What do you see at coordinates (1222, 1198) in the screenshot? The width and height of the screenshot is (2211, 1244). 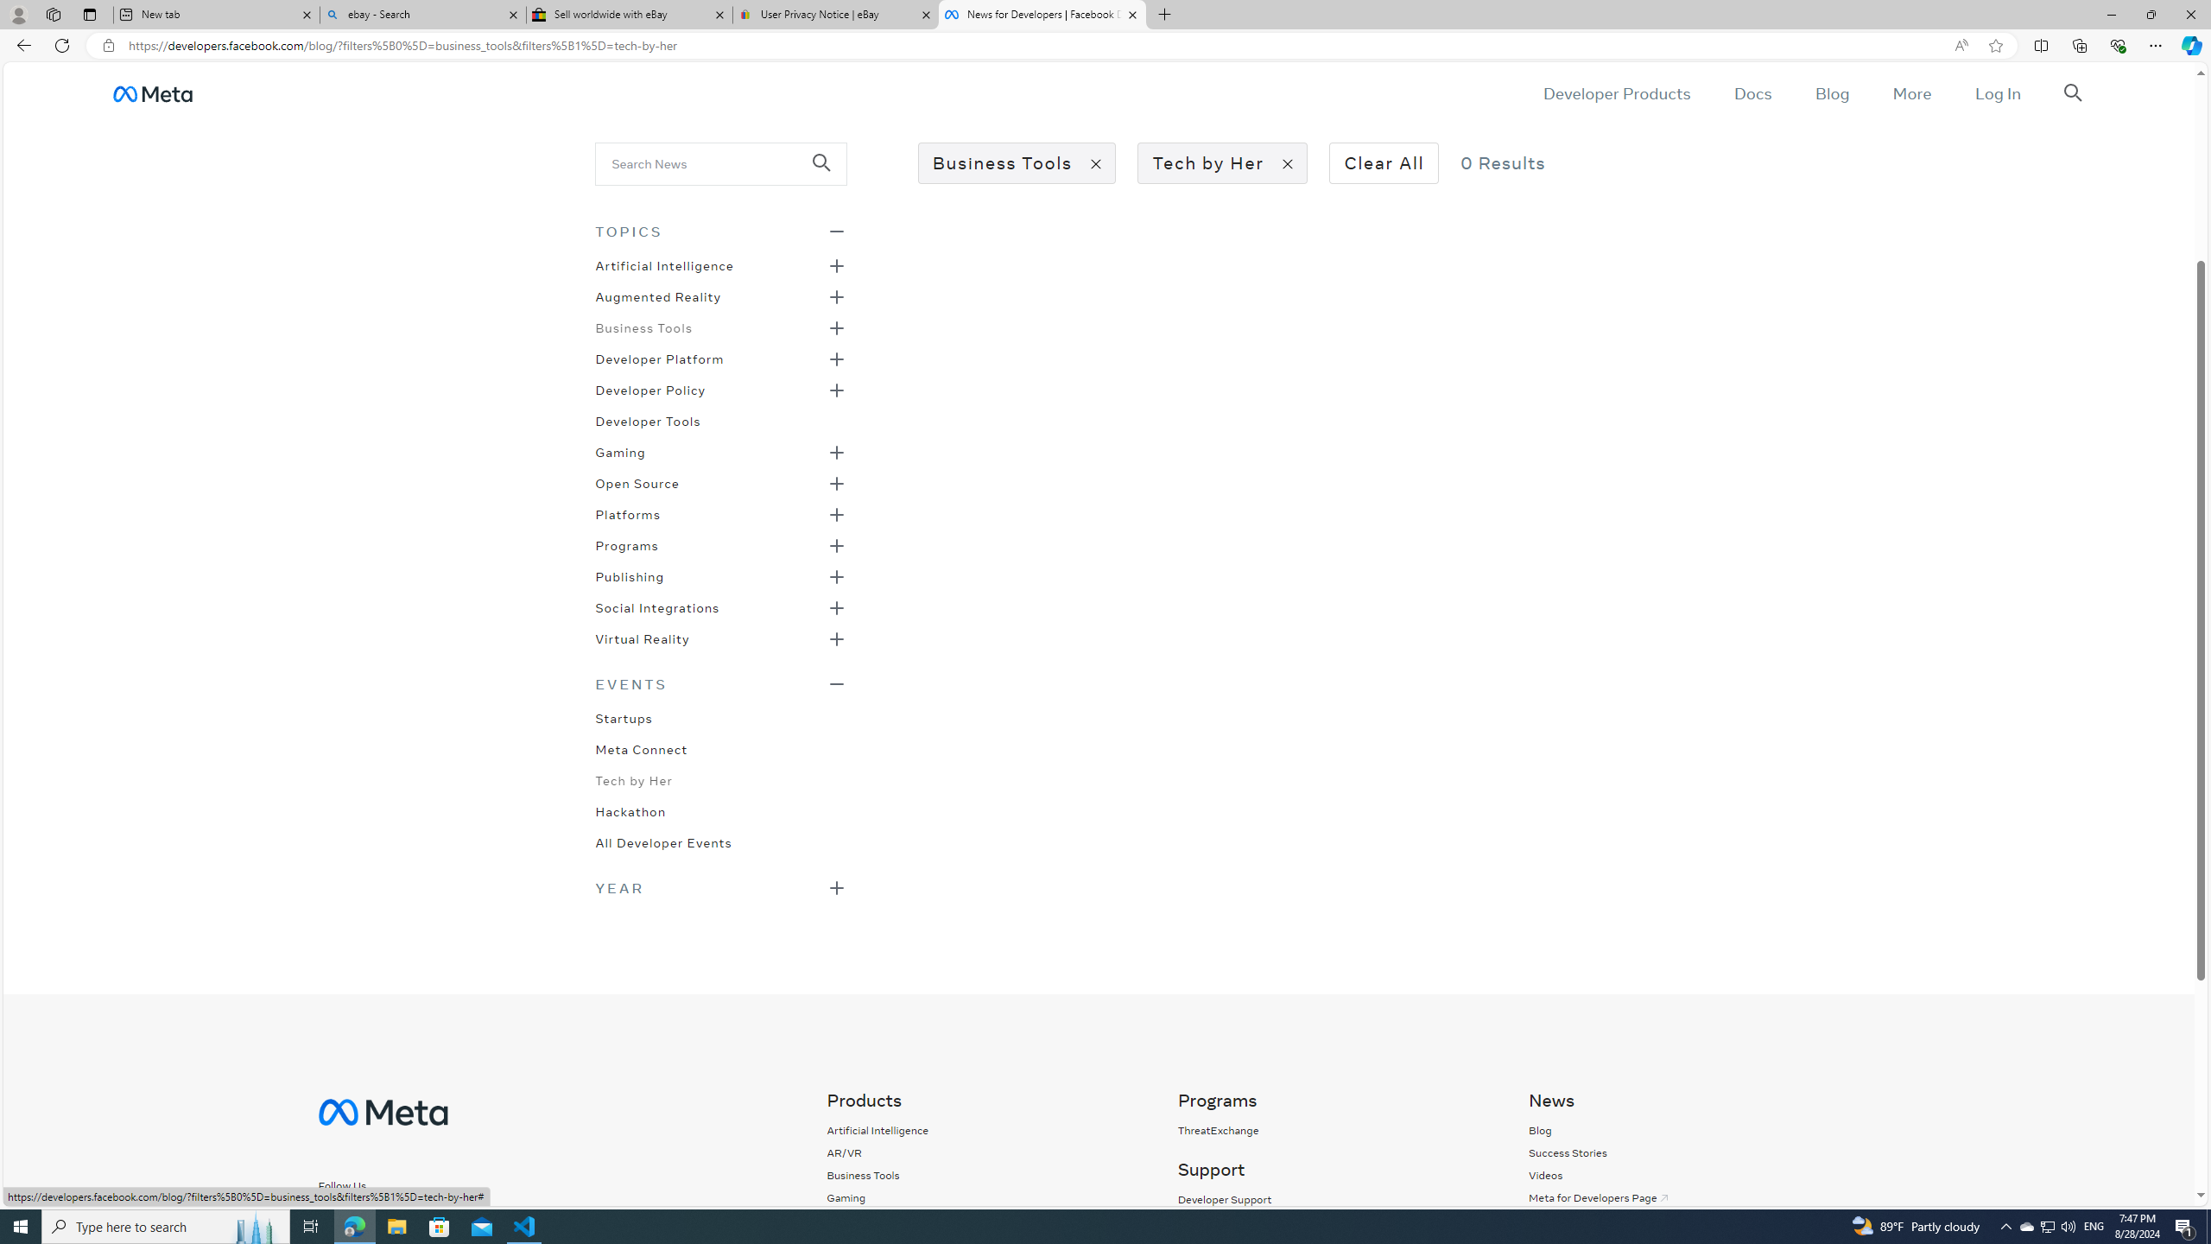 I see `'Developer Support'` at bounding box center [1222, 1198].